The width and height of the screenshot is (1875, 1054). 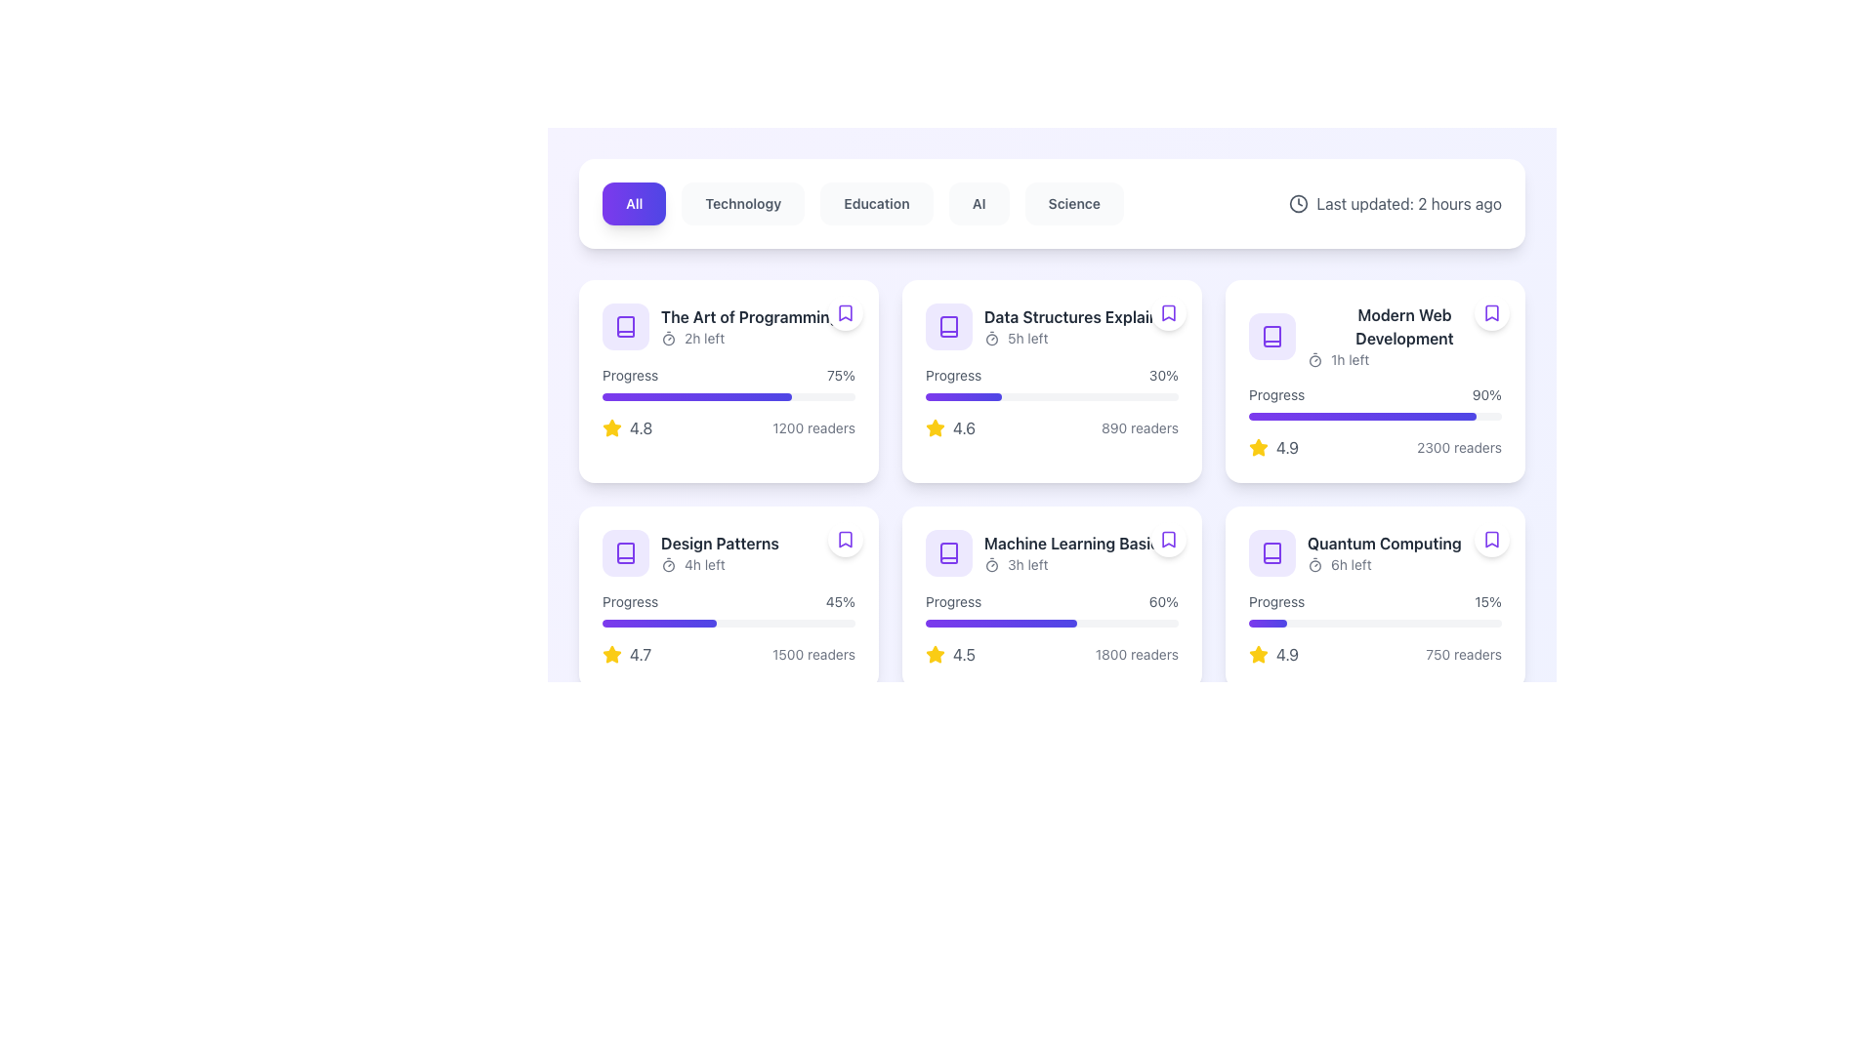 What do you see at coordinates (641, 655) in the screenshot?
I see `average rating score displayed for the item 'Design Patterns', located in the bottom-left corner of the card, to the right of the star icon` at bounding box center [641, 655].